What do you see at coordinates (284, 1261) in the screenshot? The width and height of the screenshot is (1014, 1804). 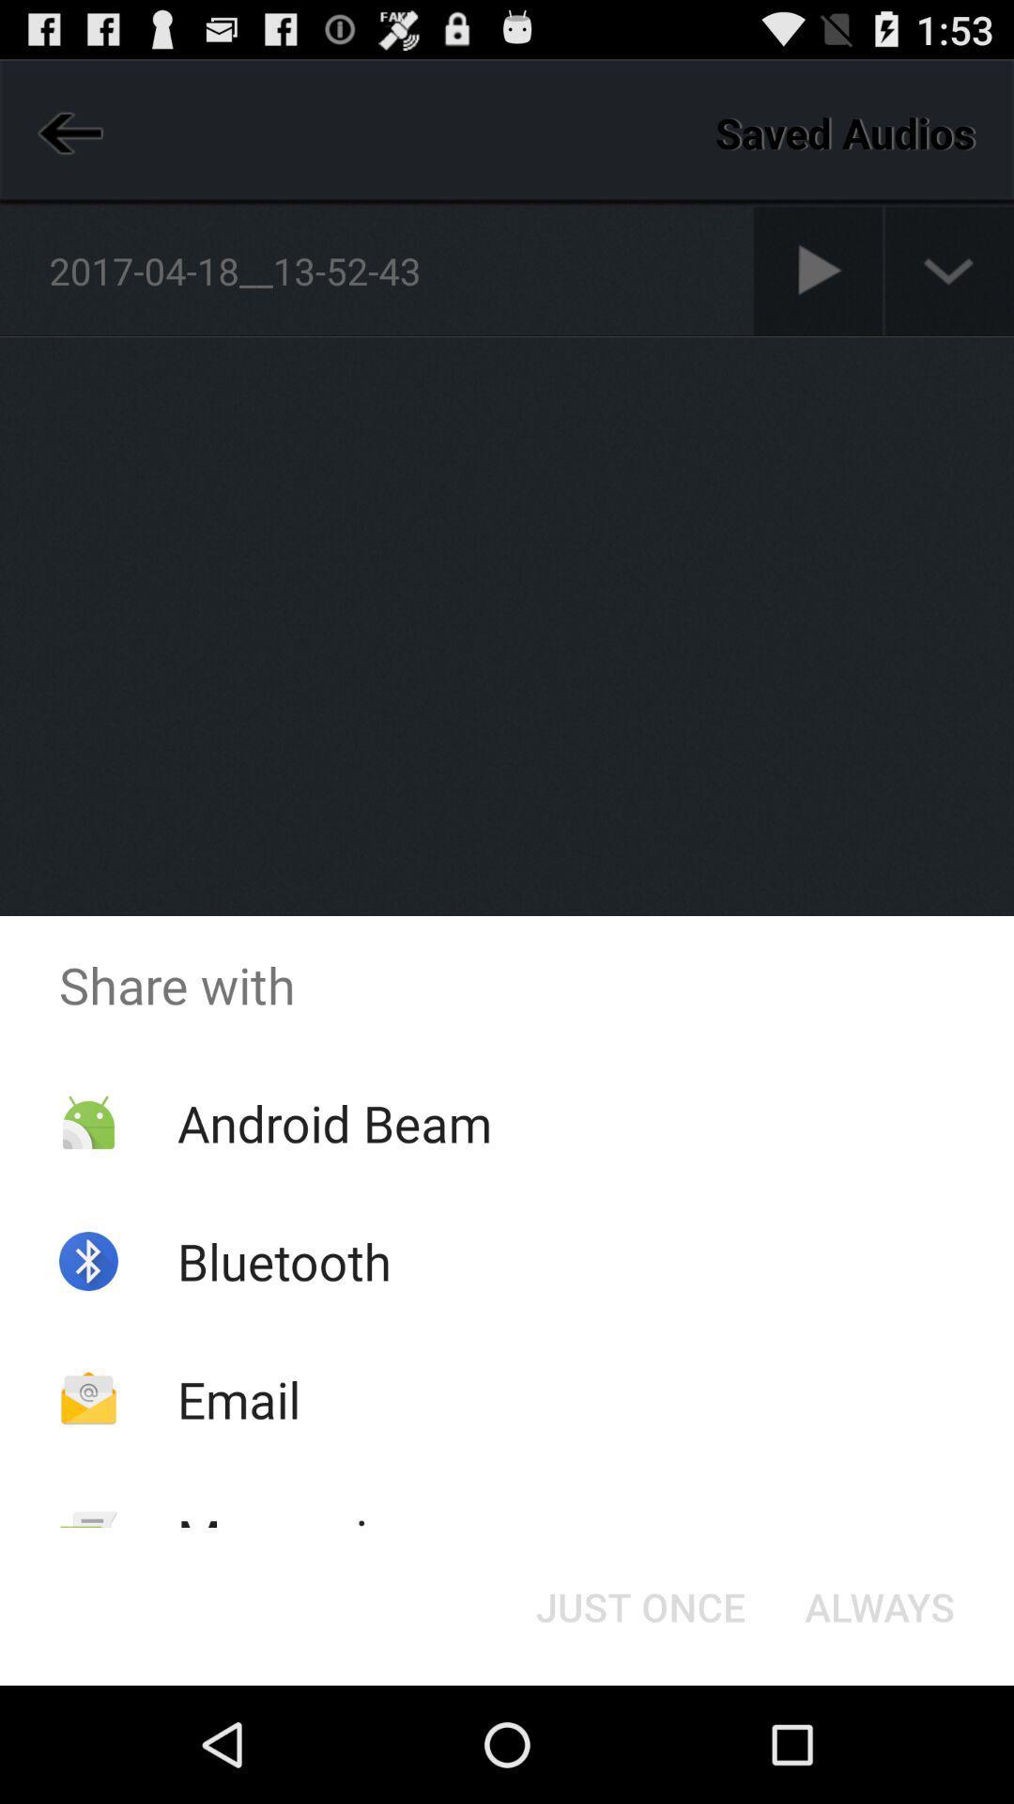 I see `app above email item` at bounding box center [284, 1261].